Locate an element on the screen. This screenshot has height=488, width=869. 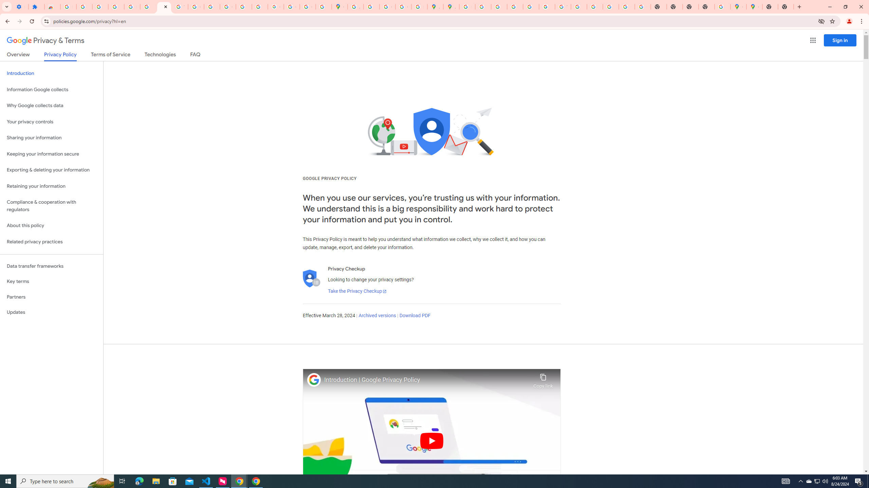
'New Tab' is located at coordinates (770, 6).